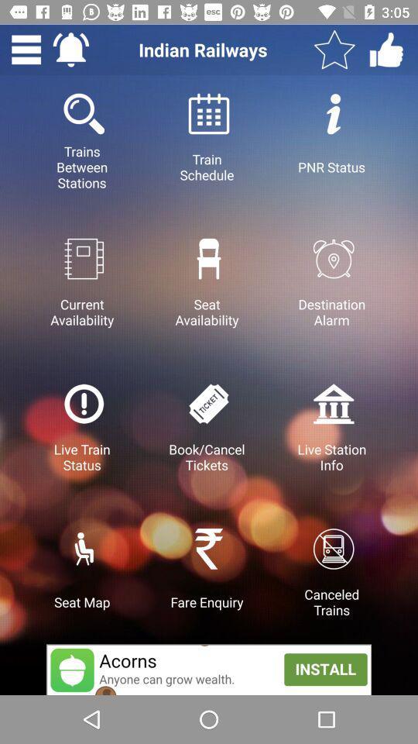  Describe the element at coordinates (334, 50) in the screenshot. I see `bookmark this page` at that location.